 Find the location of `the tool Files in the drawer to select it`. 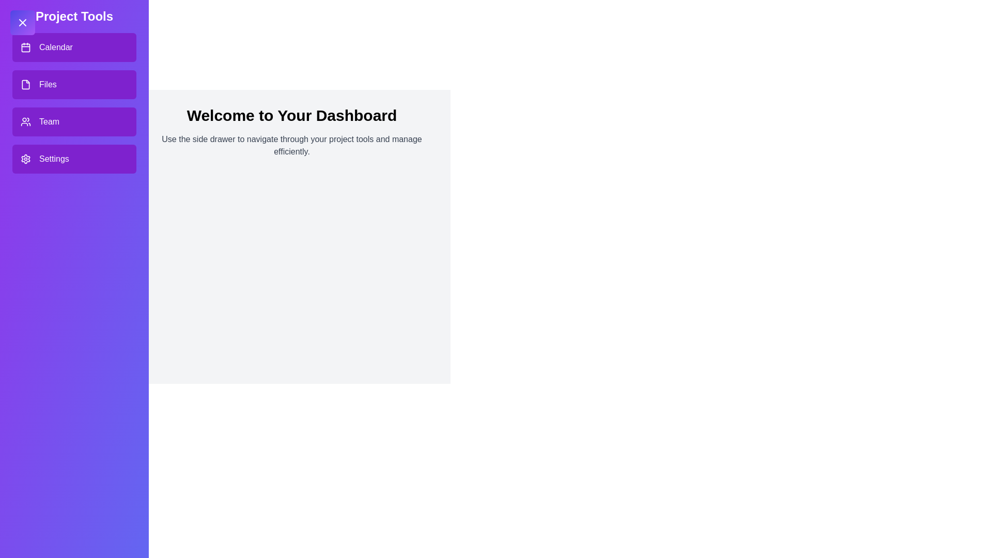

the tool Files in the drawer to select it is located at coordinates (74, 84).